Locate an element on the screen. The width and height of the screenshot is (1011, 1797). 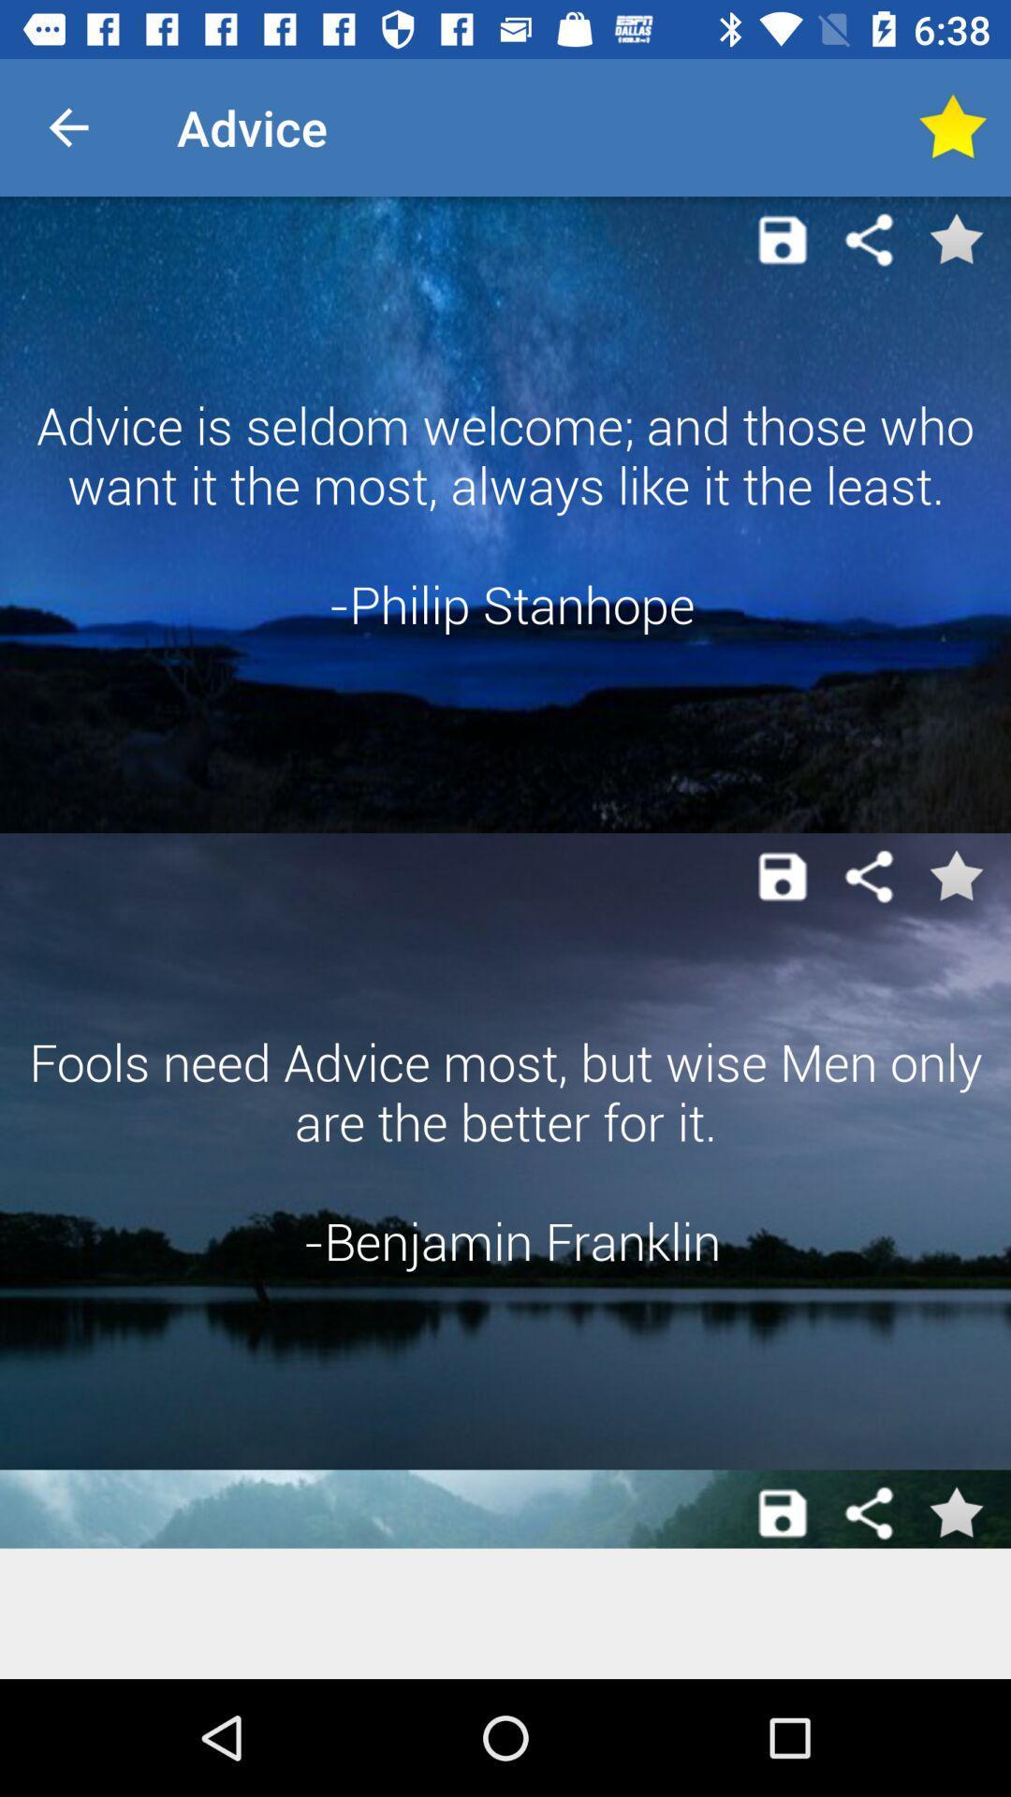
save option is located at coordinates (783, 1513).